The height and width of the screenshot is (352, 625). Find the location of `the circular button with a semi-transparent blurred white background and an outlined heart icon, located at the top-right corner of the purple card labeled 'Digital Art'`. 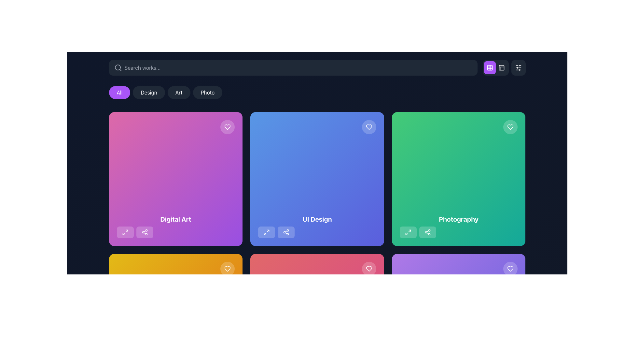

the circular button with a semi-transparent blurred white background and an outlined heart icon, located at the top-right corner of the purple card labeled 'Digital Art' is located at coordinates (228, 127).